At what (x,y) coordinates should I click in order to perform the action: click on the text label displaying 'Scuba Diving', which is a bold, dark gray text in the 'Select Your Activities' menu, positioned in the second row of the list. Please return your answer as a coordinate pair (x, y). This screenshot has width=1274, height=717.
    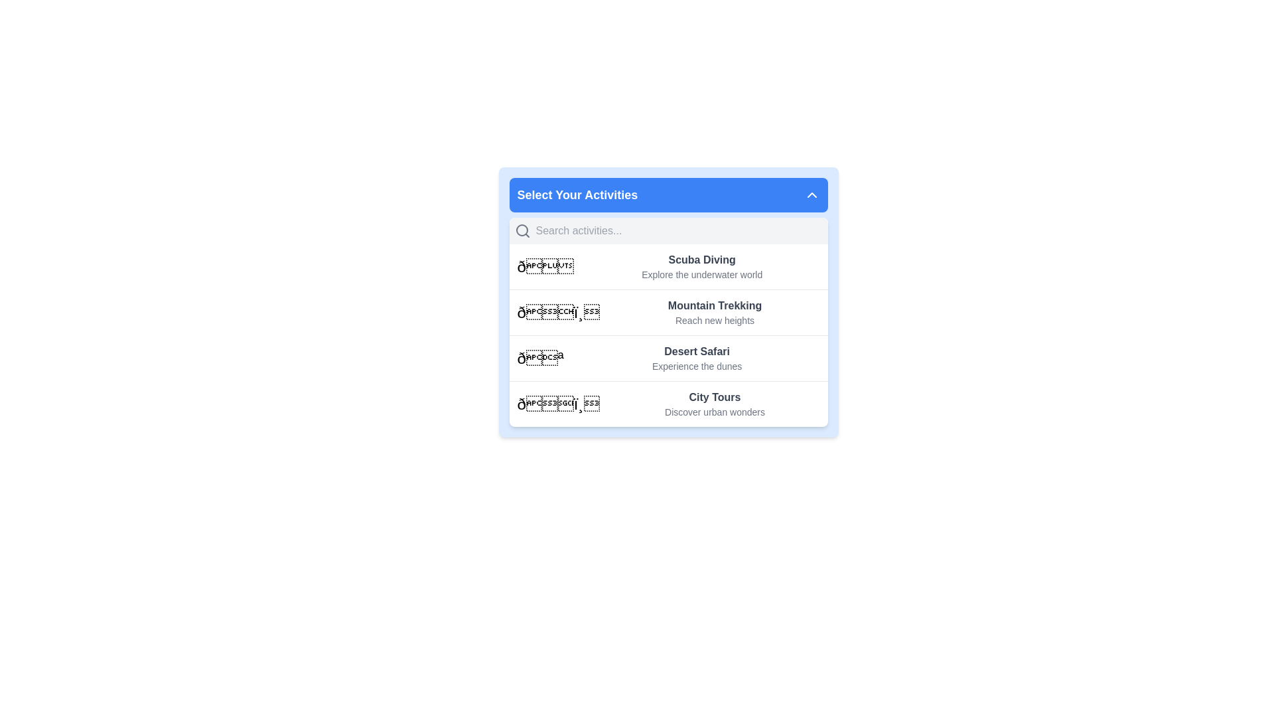
    Looking at the image, I should click on (701, 260).